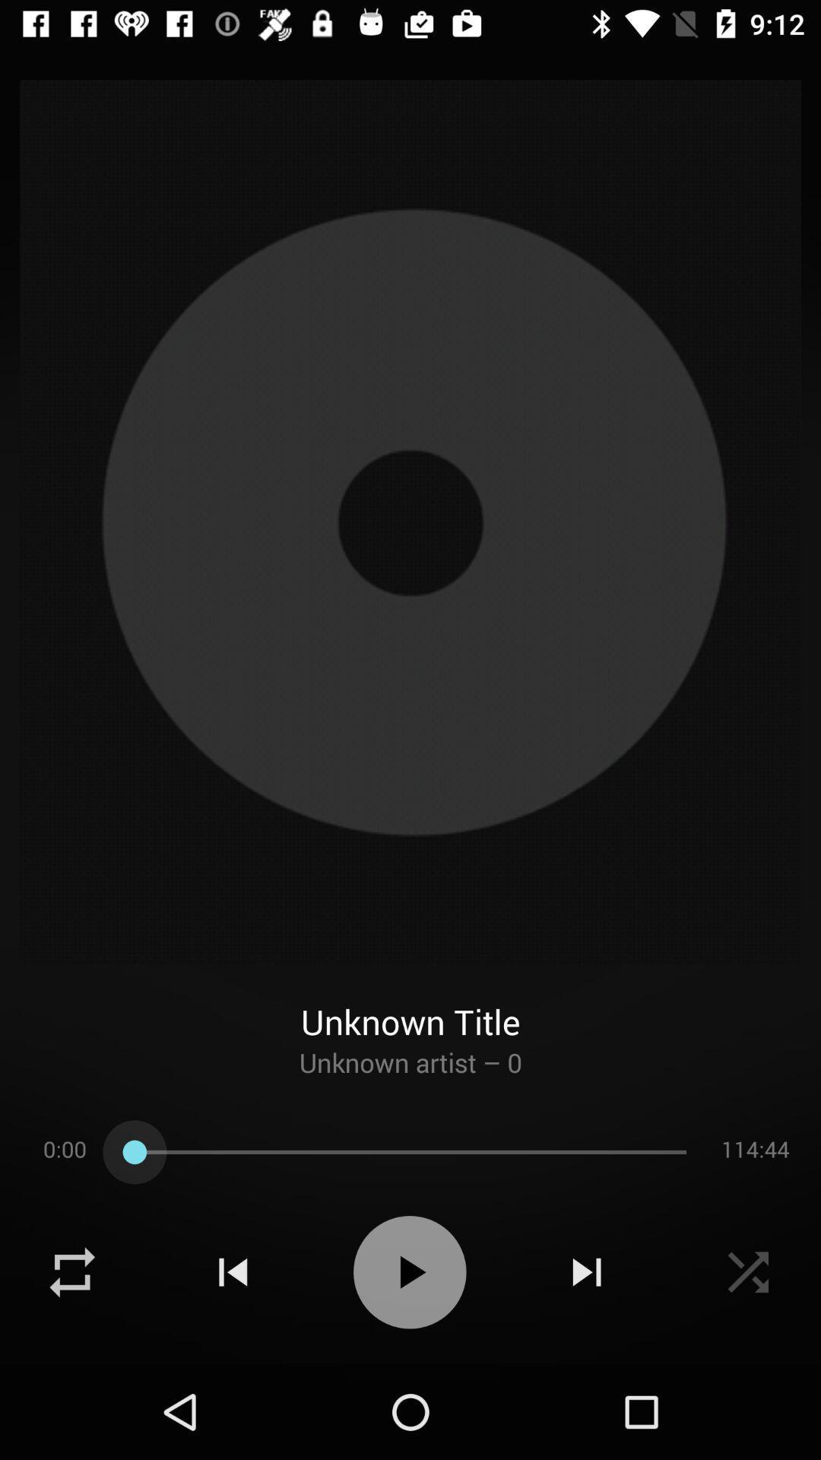 This screenshot has height=1460, width=821. I want to click on the close icon, so click(747, 1272).